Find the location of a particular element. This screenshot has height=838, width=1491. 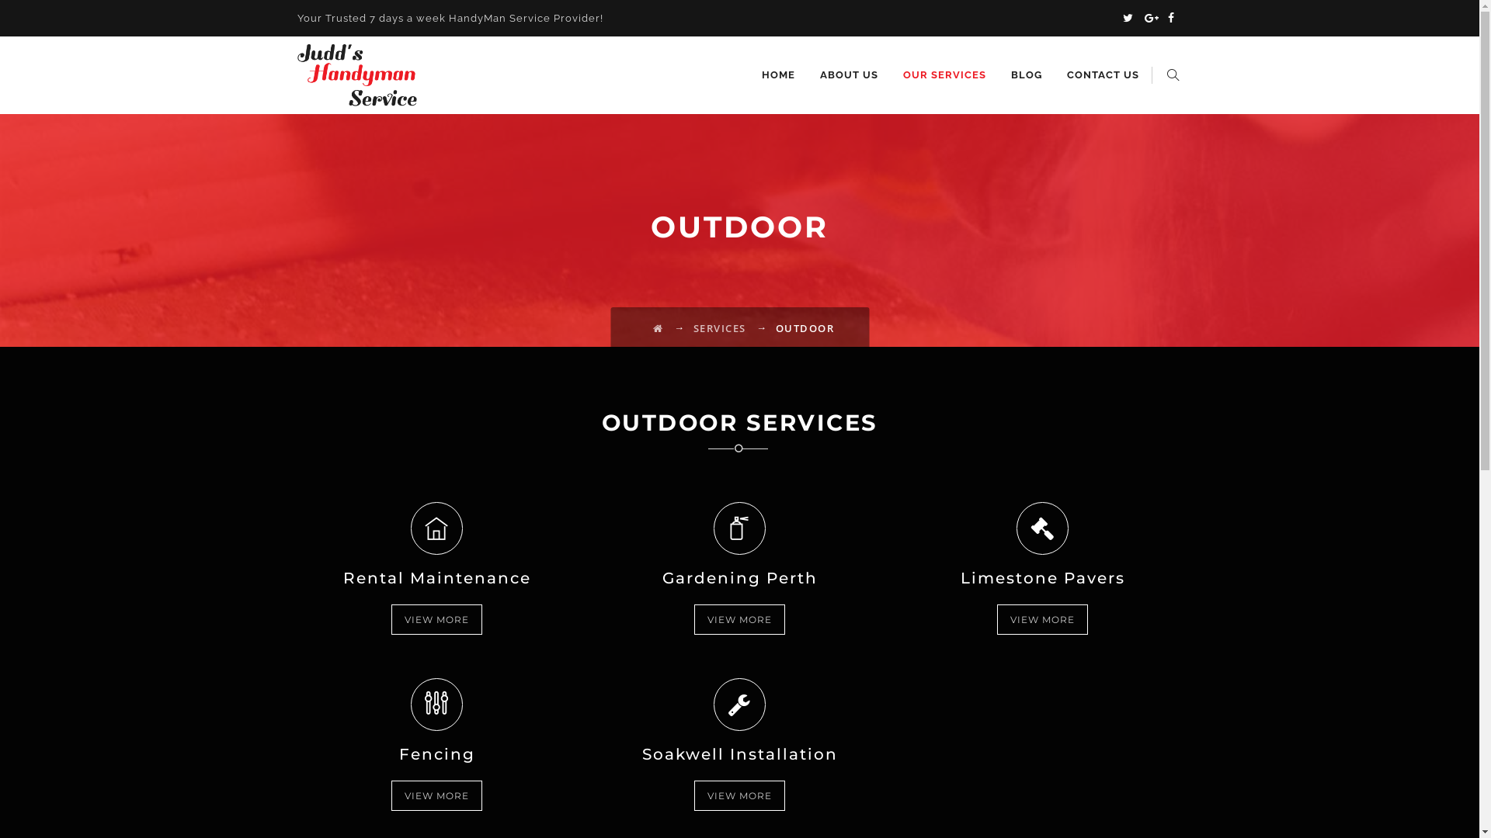

'VIEW MORE' is located at coordinates (391, 795).